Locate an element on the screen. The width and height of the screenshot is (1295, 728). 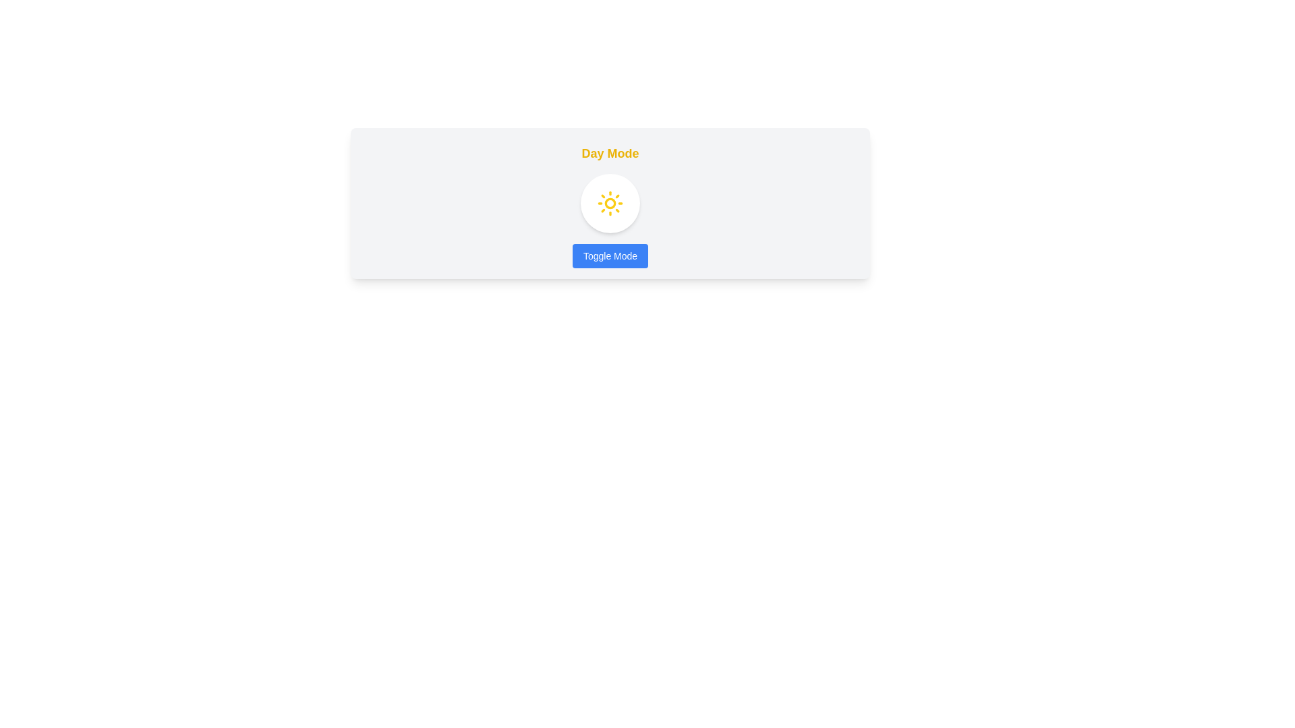
the yellow circular shape representing the core part of the sun icon, which is centrally located within the upper visual panel of the page is located at coordinates (610, 203).